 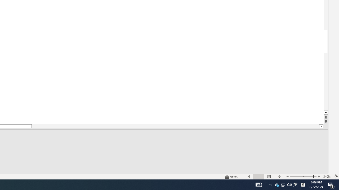 I want to click on 'Zoom 340%', so click(x=327, y=177).